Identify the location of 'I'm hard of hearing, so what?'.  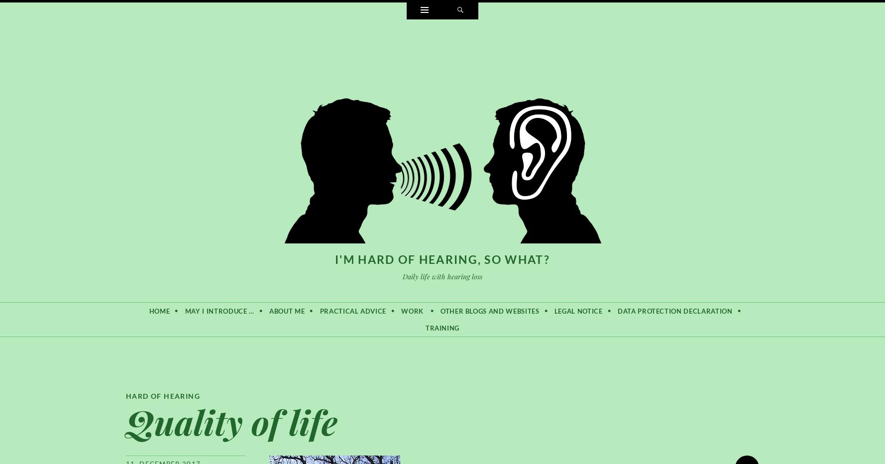
(334, 258).